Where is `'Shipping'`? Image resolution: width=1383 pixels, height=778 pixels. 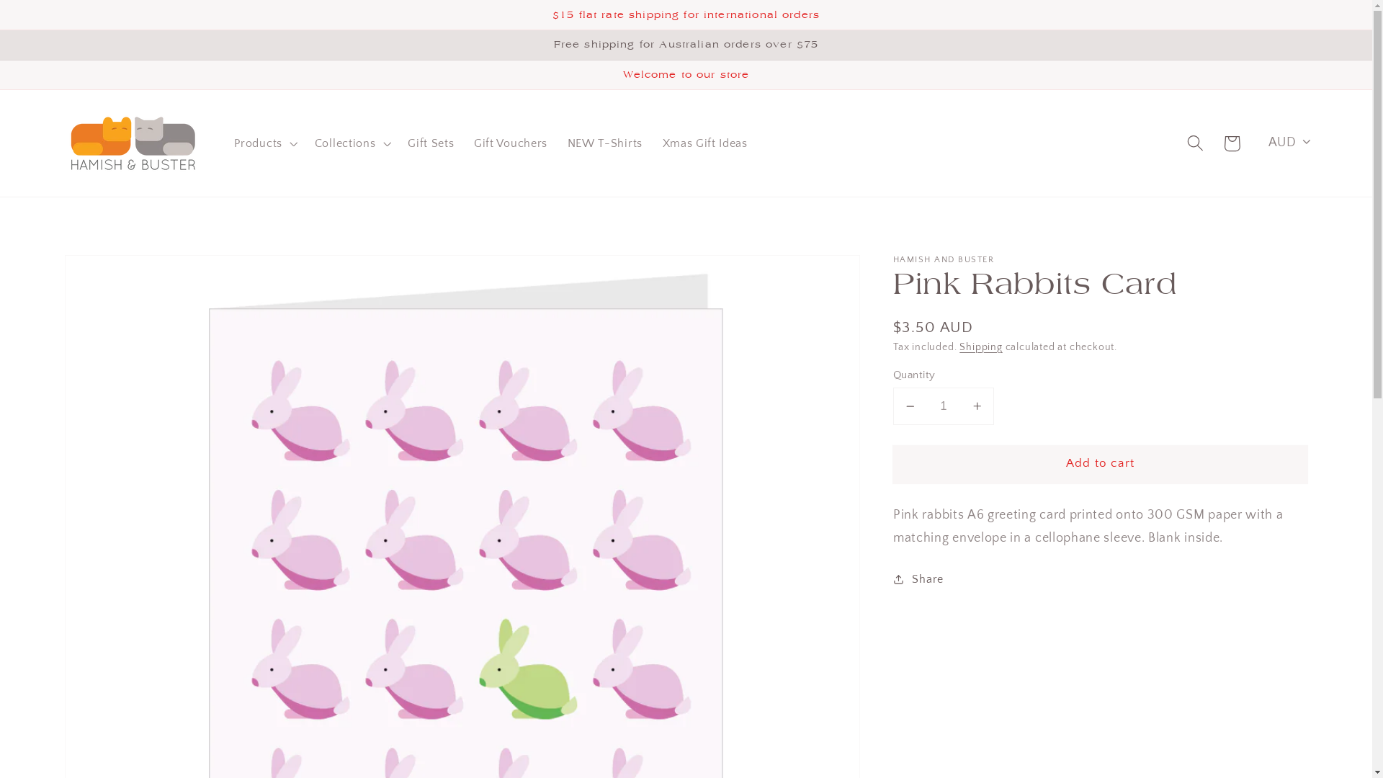 'Shipping' is located at coordinates (980, 346).